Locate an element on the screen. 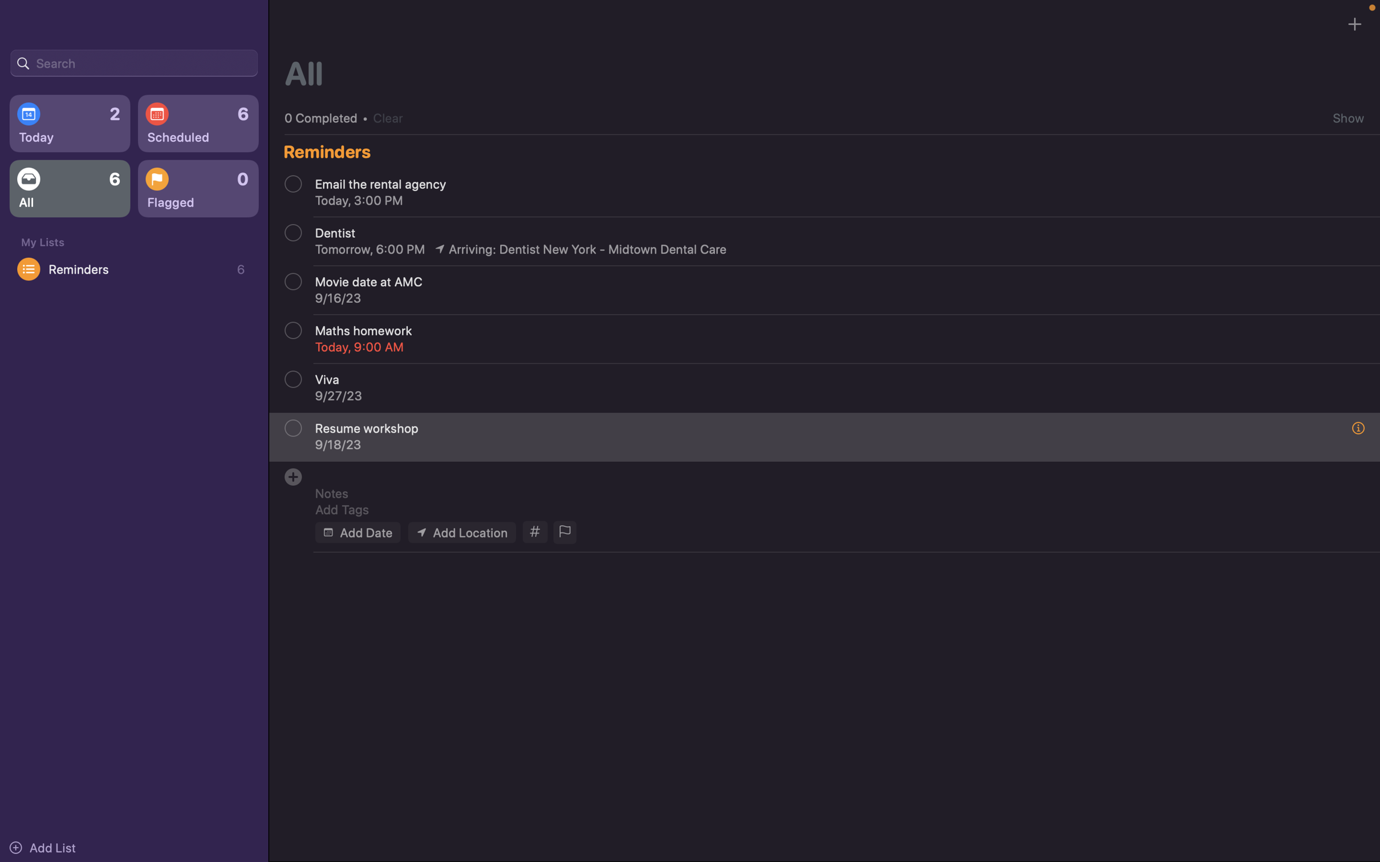 The width and height of the screenshot is (1380, 862). Assign "Carnegie Mellon University" to the location field of the event form is located at coordinates (461, 531).